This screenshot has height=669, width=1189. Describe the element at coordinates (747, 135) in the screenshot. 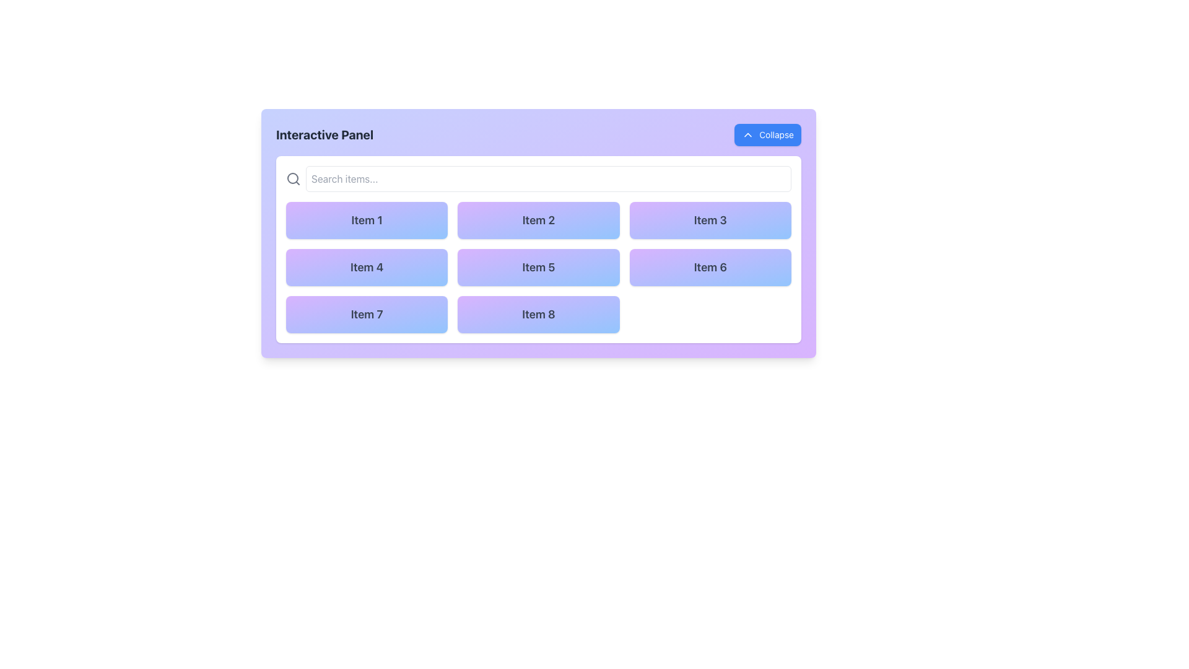

I see `the collapsing icon located to the left of the 'Collapse' button in the top-right corner of the interface` at that location.